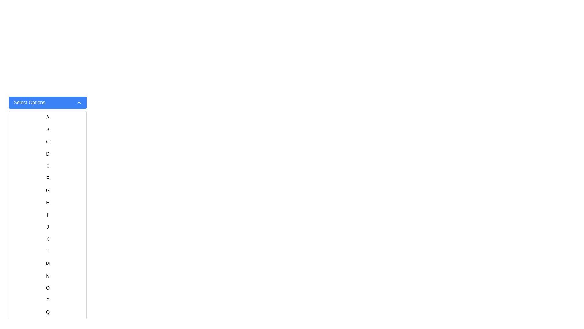 The height and width of the screenshot is (329, 584). Describe the element at coordinates (47, 102) in the screenshot. I see `the dropdown toggle button located at the top area of the vertical list of options labeled from 'A' to 'Z'` at that location.